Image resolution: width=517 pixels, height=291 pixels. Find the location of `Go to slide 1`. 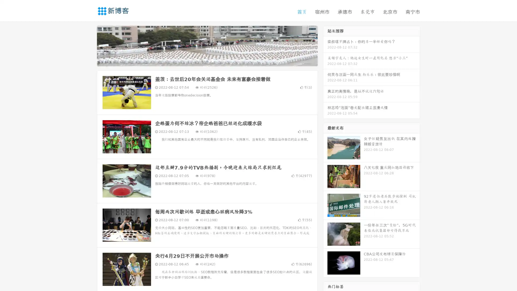

Go to slide 1 is located at coordinates (201, 61).